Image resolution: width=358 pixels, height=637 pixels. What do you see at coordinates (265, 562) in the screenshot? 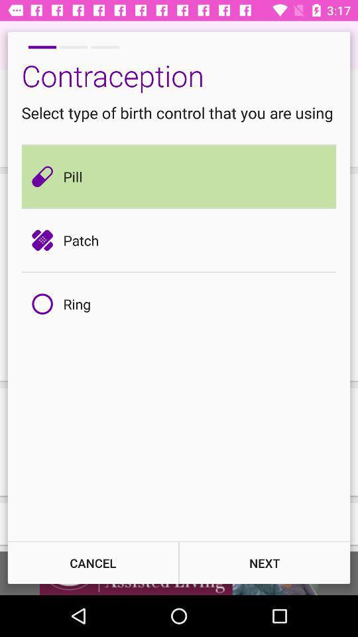
I see `the icon at the bottom right corner` at bounding box center [265, 562].